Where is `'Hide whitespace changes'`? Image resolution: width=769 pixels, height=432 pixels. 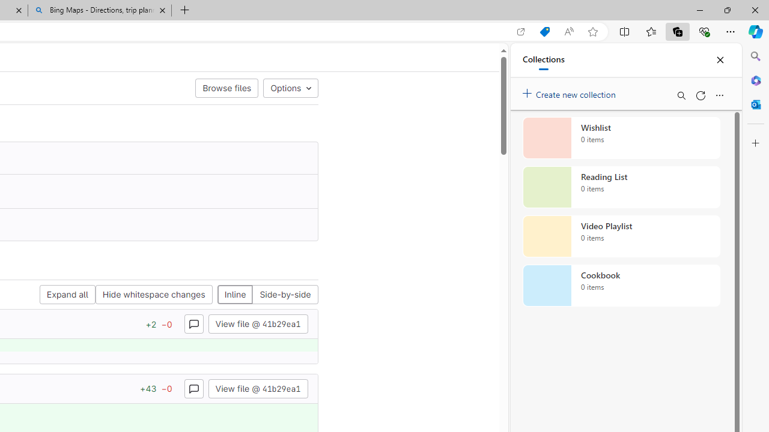 'Hide whitespace changes' is located at coordinates (153, 295).